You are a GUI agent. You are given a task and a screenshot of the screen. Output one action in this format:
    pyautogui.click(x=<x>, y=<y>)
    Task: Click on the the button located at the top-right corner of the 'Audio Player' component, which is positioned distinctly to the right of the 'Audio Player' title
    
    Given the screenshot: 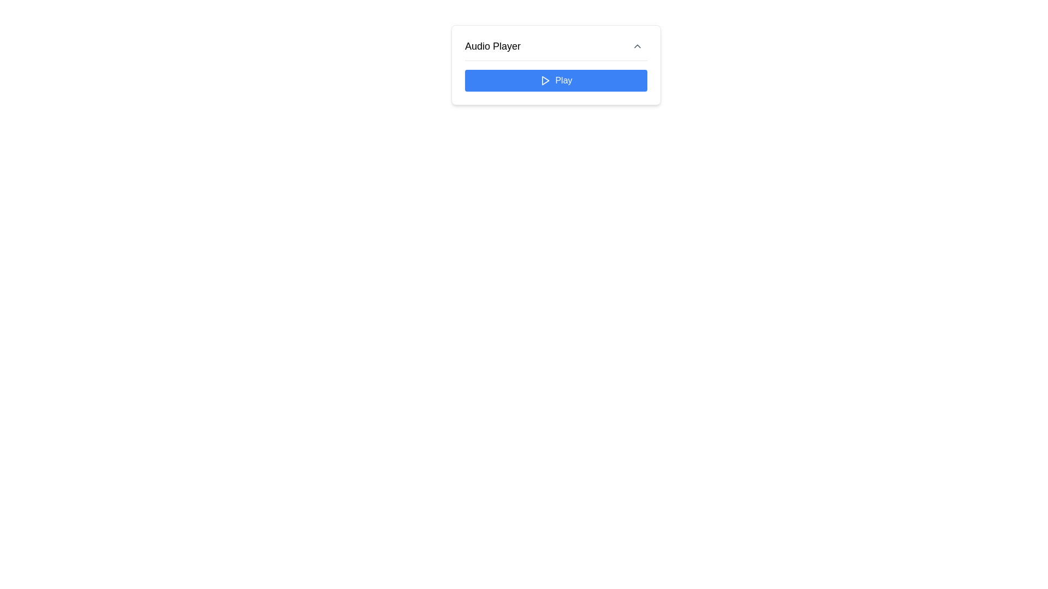 What is the action you would take?
    pyautogui.click(x=637, y=45)
    